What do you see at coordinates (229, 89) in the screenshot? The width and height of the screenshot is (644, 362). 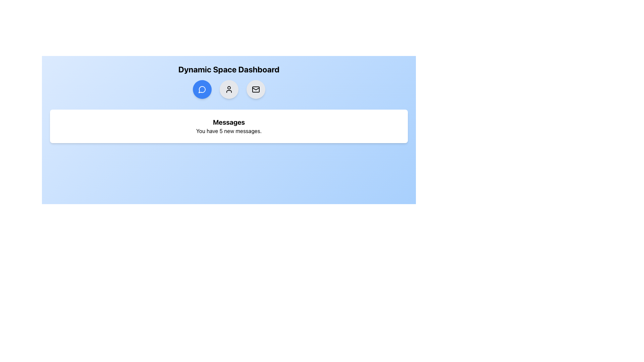 I see `the circular user profile button with a gray background, located between the blue magnifying glass icon and the gray envelope icon in the row of three buttons below the 'Dynamic Space Dashboard' header` at bounding box center [229, 89].